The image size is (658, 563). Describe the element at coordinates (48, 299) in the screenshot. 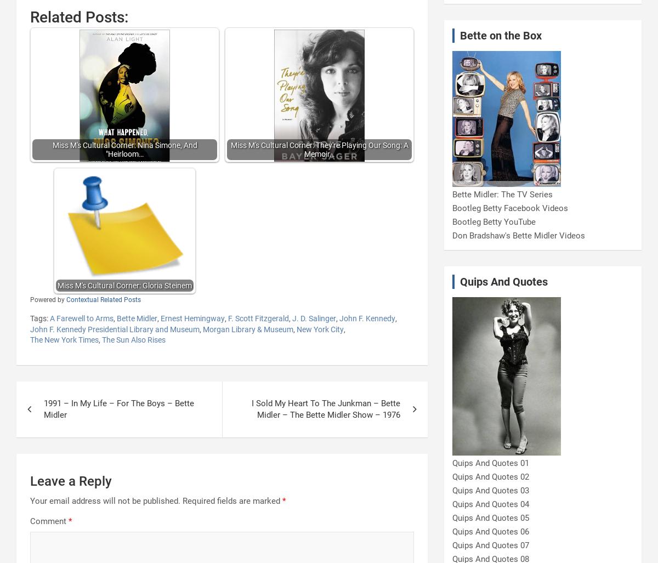

I see `'Powered by'` at that location.